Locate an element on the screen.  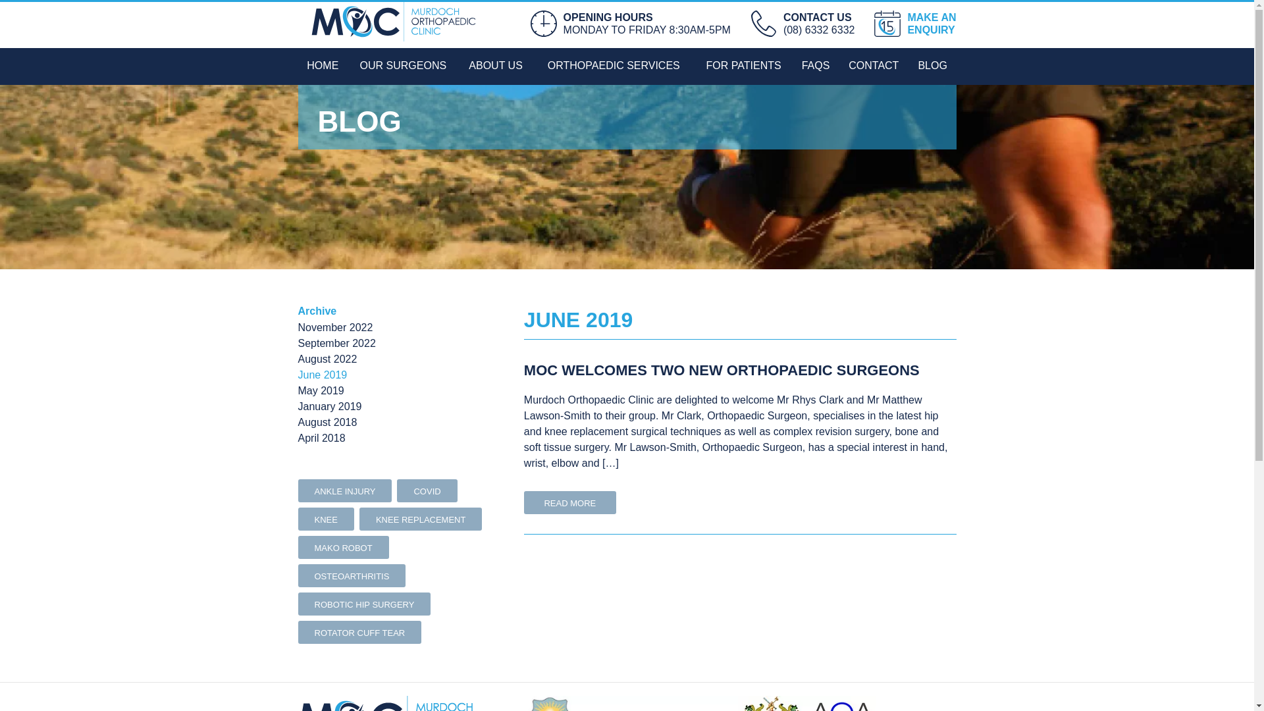
'ABOUT US' is located at coordinates (495, 66).